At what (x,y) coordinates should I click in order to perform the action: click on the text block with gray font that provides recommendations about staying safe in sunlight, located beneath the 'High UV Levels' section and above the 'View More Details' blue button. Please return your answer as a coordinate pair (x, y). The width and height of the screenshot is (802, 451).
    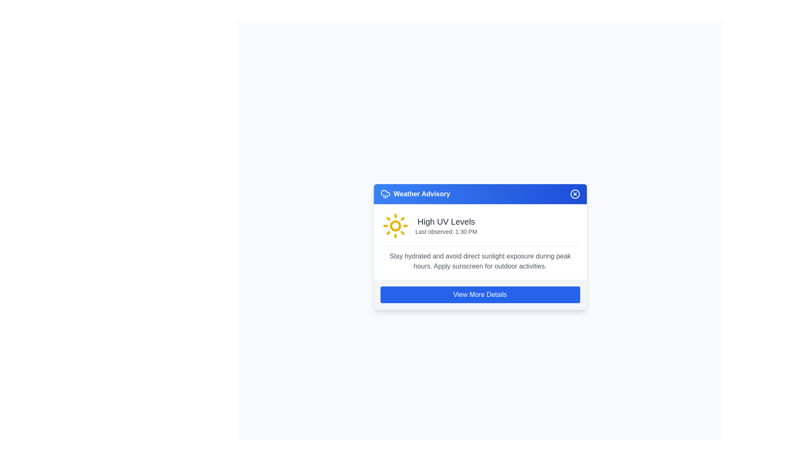
    Looking at the image, I should click on (480, 261).